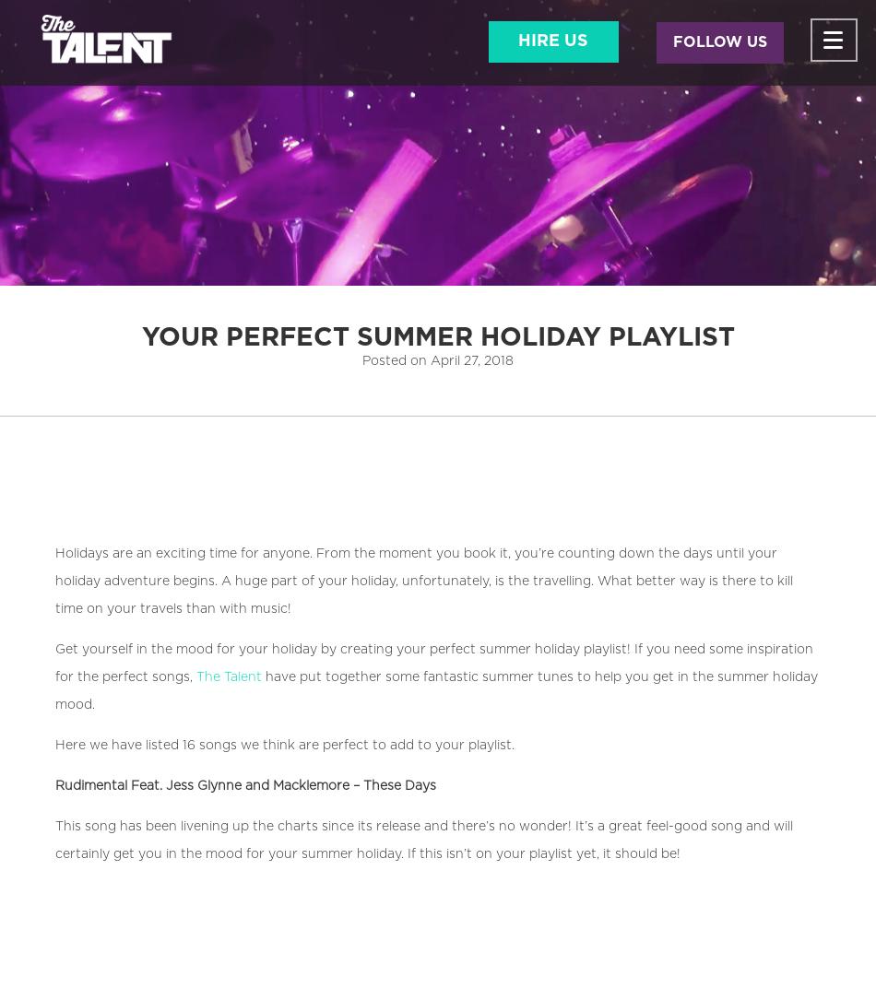  I want to click on 'Rudimental Feat. Jess Glynne and Macklemore – These Days', so click(244, 784).